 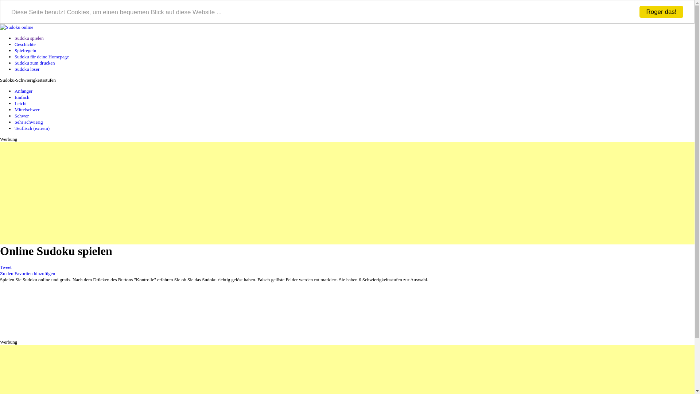 What do you see at coordinates (29, 38) in the screenshot?
I see `'Sudoku spielen'` at bounding box center [29, 38].